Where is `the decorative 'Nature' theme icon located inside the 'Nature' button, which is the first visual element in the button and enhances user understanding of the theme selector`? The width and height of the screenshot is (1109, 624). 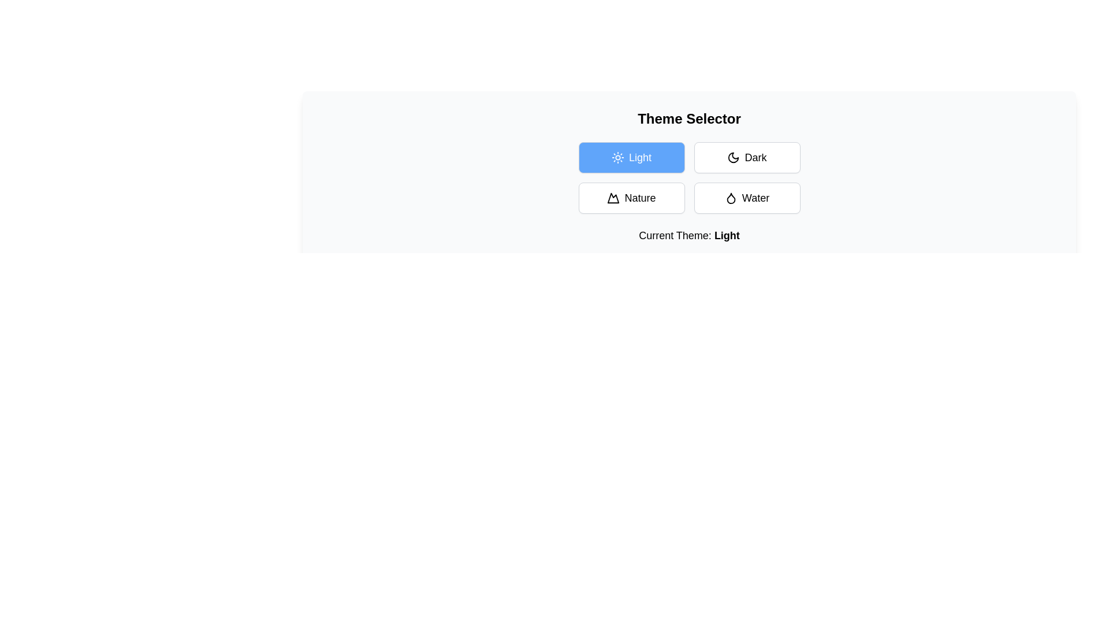 the decorative 'Nature' theme icon located inside the 'Nature' button, which is the first visual element in the button and enhances user understanding of the theme selector is located at coordinates (613, 198).